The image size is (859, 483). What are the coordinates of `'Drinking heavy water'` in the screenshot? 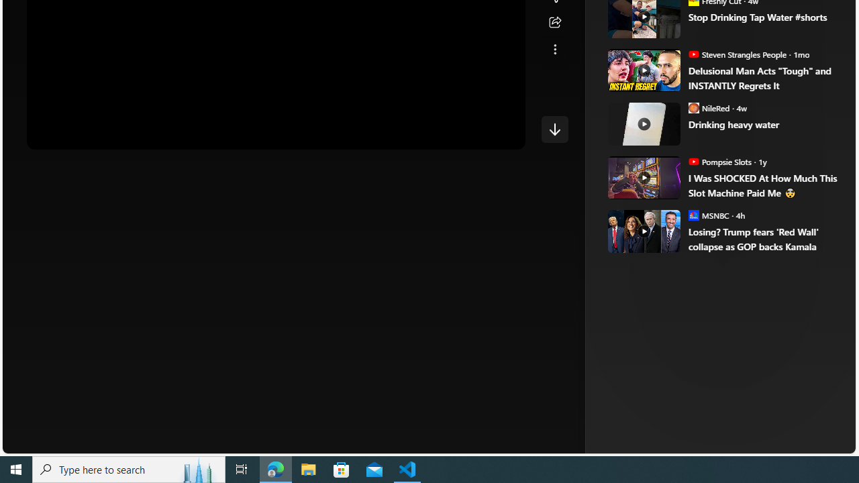 It's located at (762, 124).